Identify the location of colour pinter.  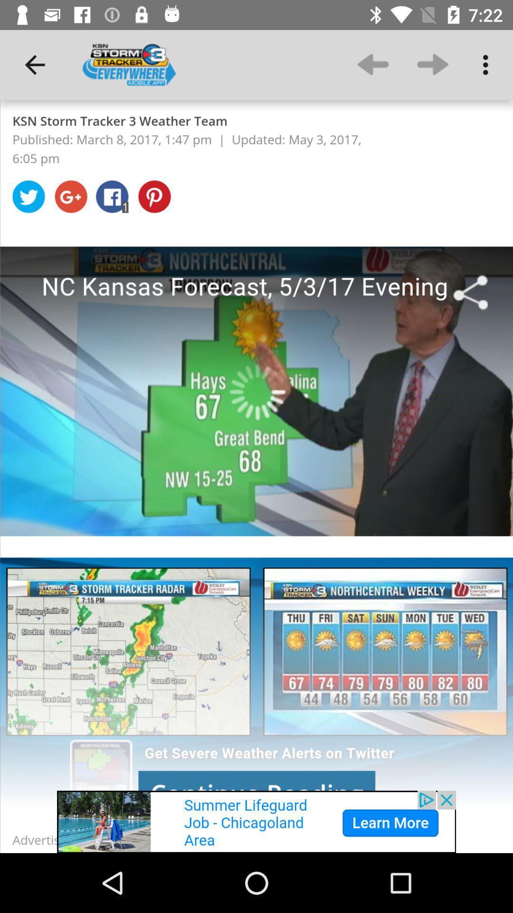
(256, 476).